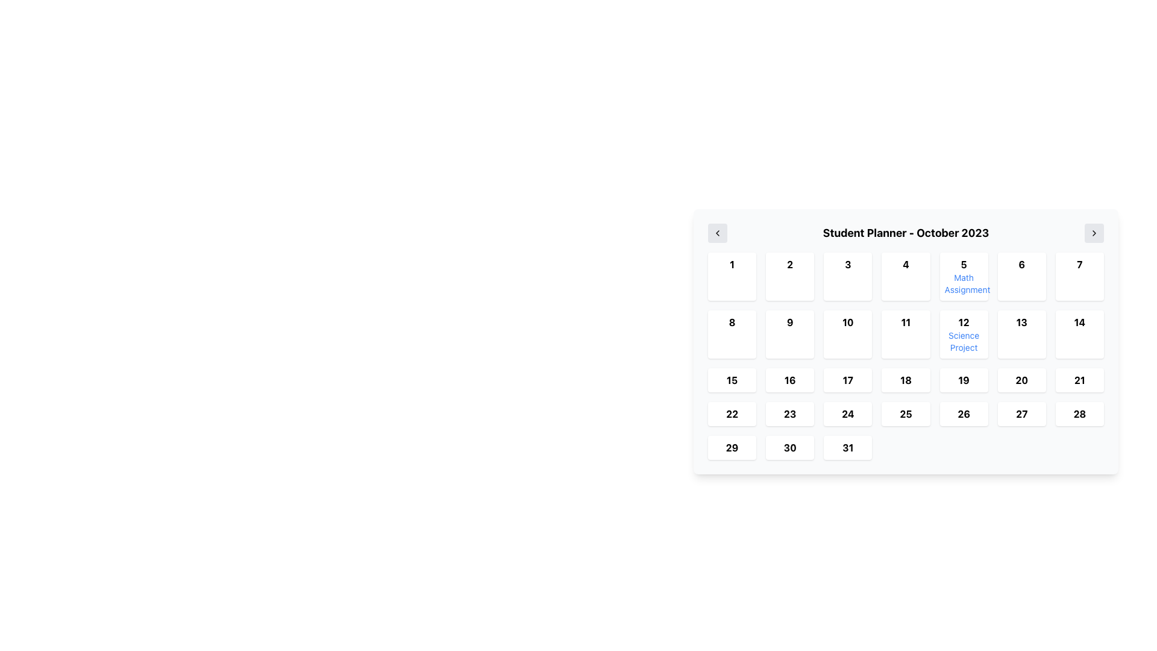  I want to click on the specific date in the Calendar Grid Display, so click(906, 342).